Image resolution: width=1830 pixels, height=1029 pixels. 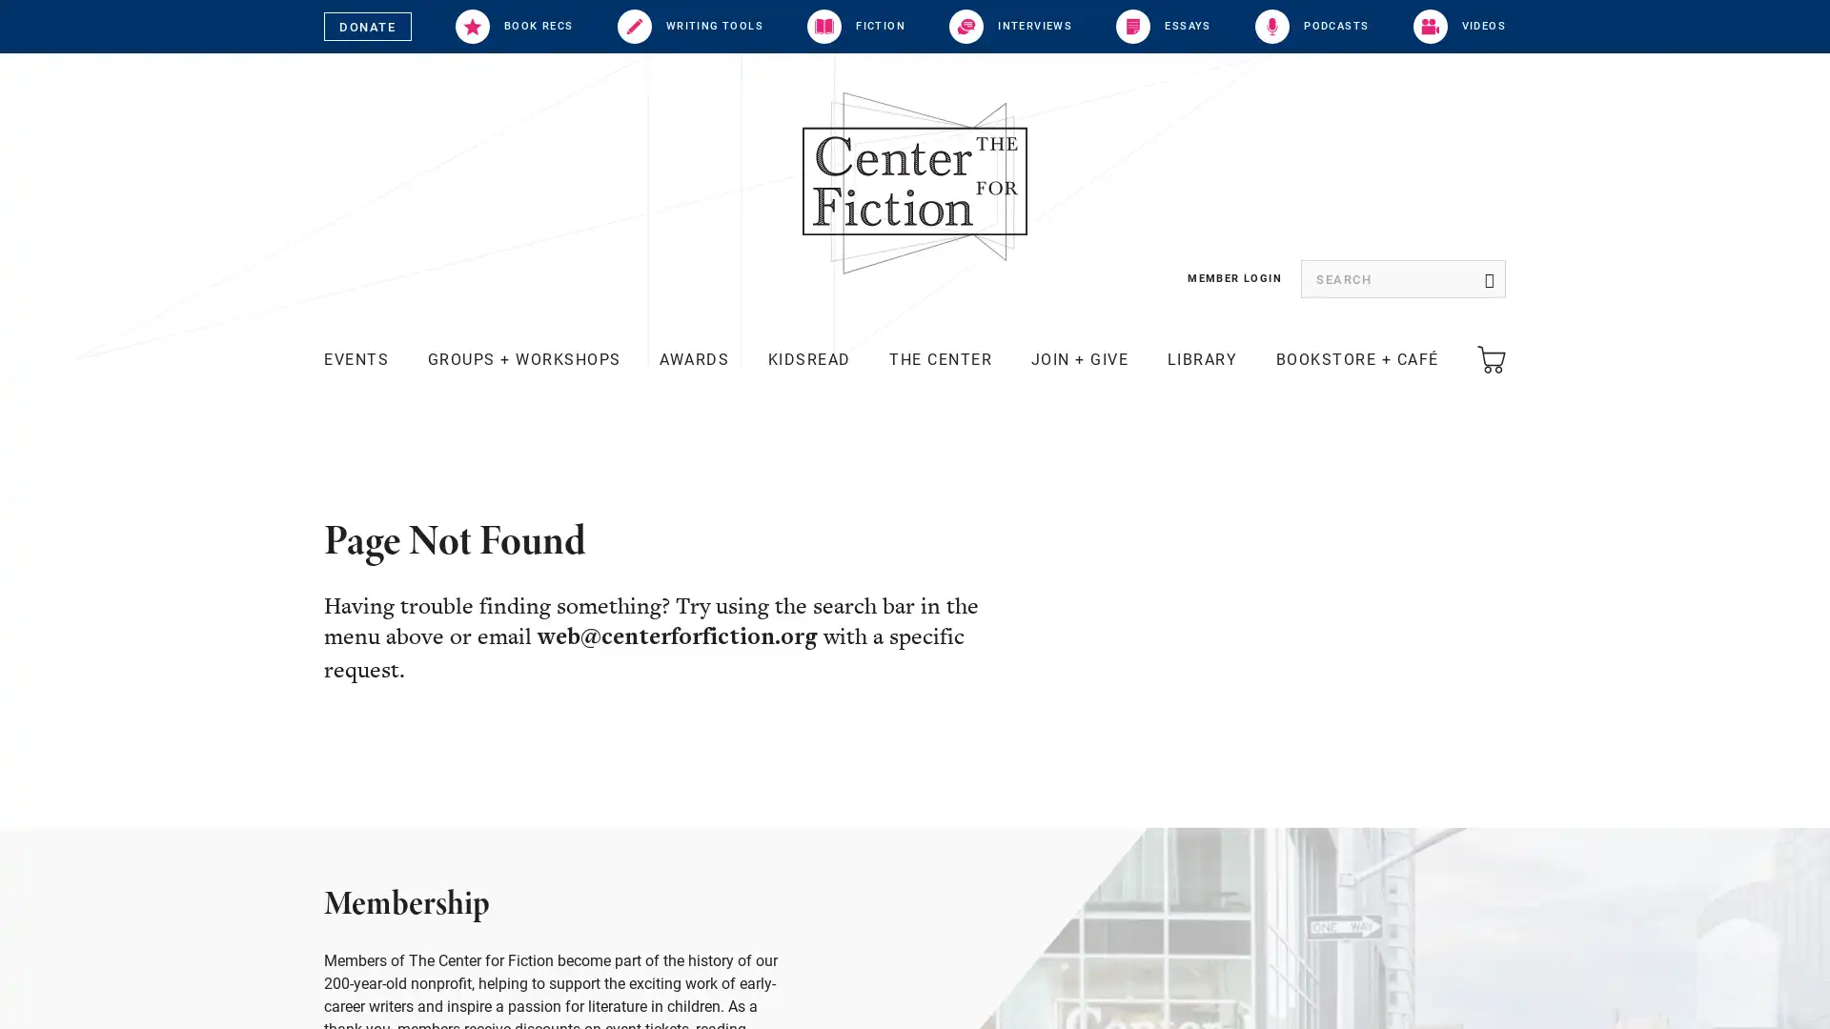 What do you see at coordinates (1486, 279) in the screenshot?
I see `Submit Search` at bounding box center [1486, 279].